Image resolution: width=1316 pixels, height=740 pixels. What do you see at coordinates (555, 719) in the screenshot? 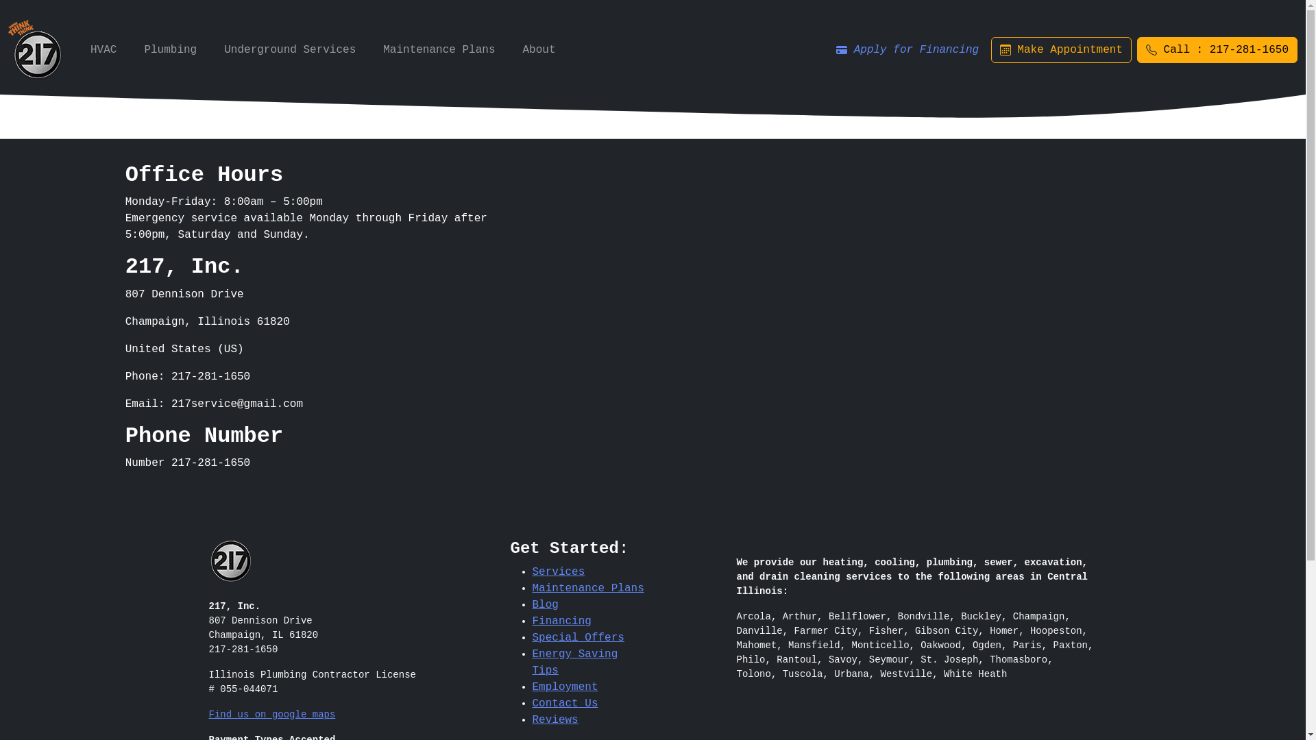
I see `'Reviews'` at bounding box center [555, 719].